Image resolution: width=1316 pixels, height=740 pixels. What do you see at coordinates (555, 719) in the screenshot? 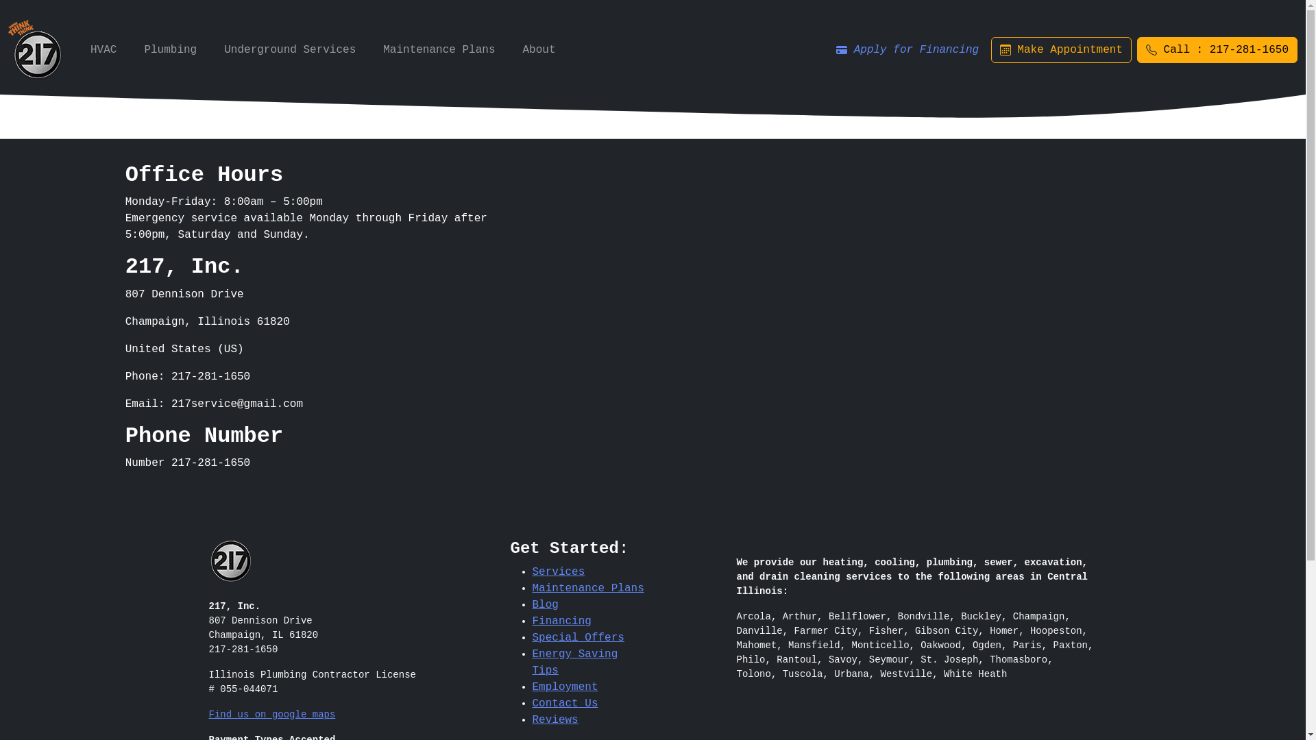
I see `'Reviews'` at bounding box center [555, 719].